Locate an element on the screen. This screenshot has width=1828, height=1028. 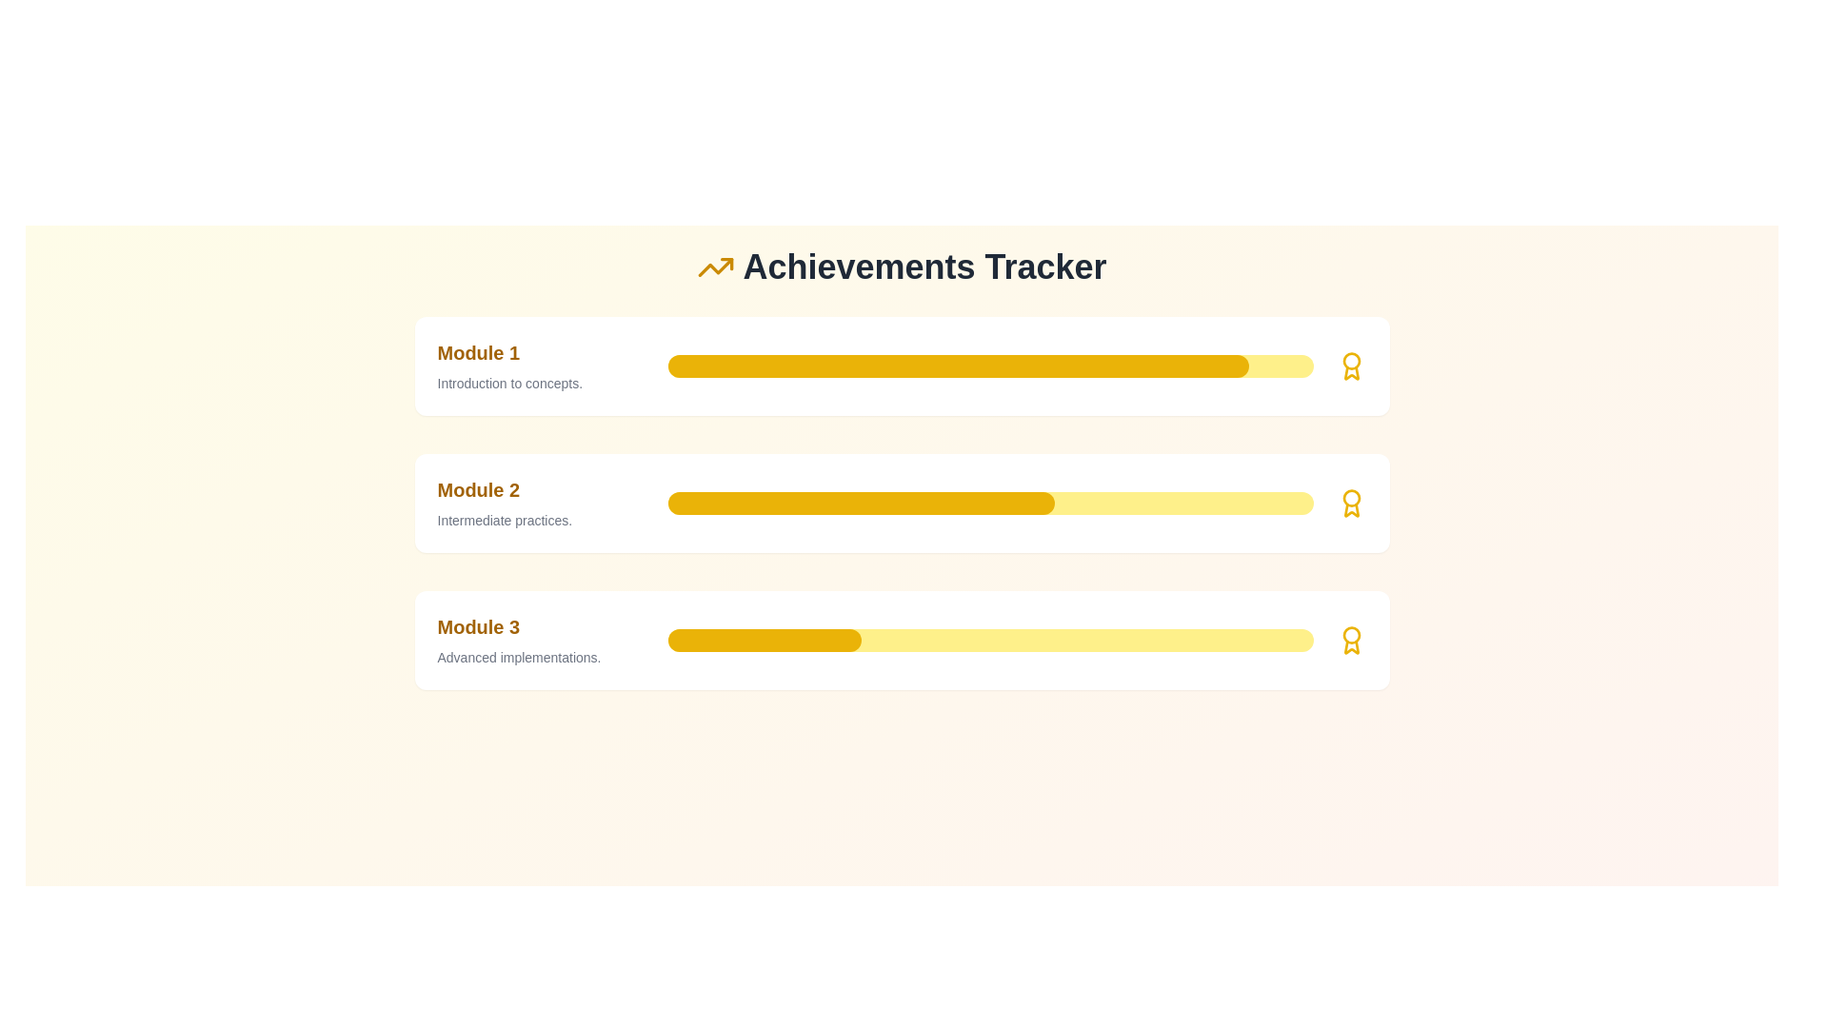
the vibrant yellow award medal icon within the progress tracker for 'Module 2', which is positioned at the rightmost edge of the card and aligned with the progress bar is located at coordinates (1350, 502).